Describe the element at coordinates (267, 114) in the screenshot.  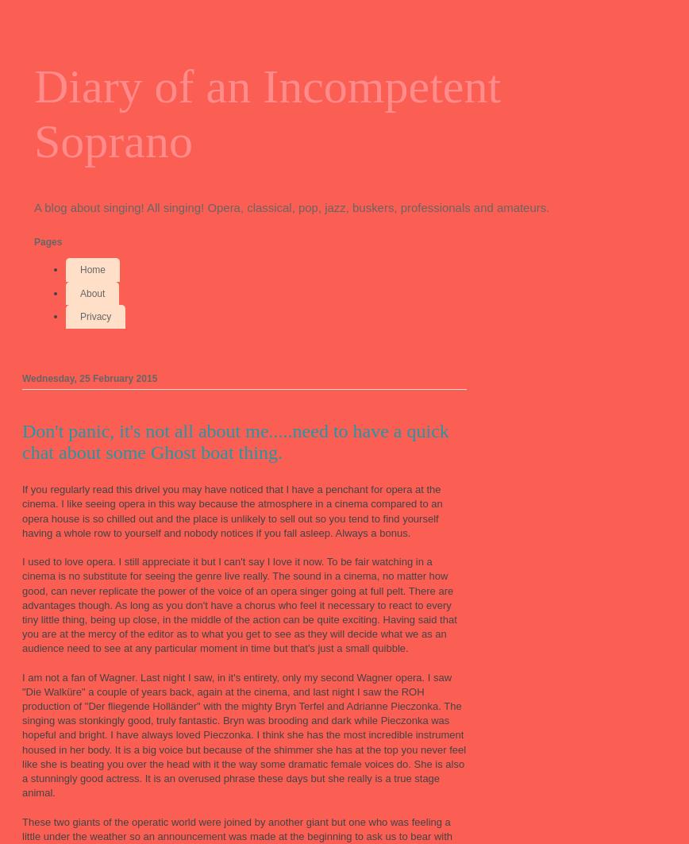
I see `'Diary of an Incompetent Soprano'` at that location.